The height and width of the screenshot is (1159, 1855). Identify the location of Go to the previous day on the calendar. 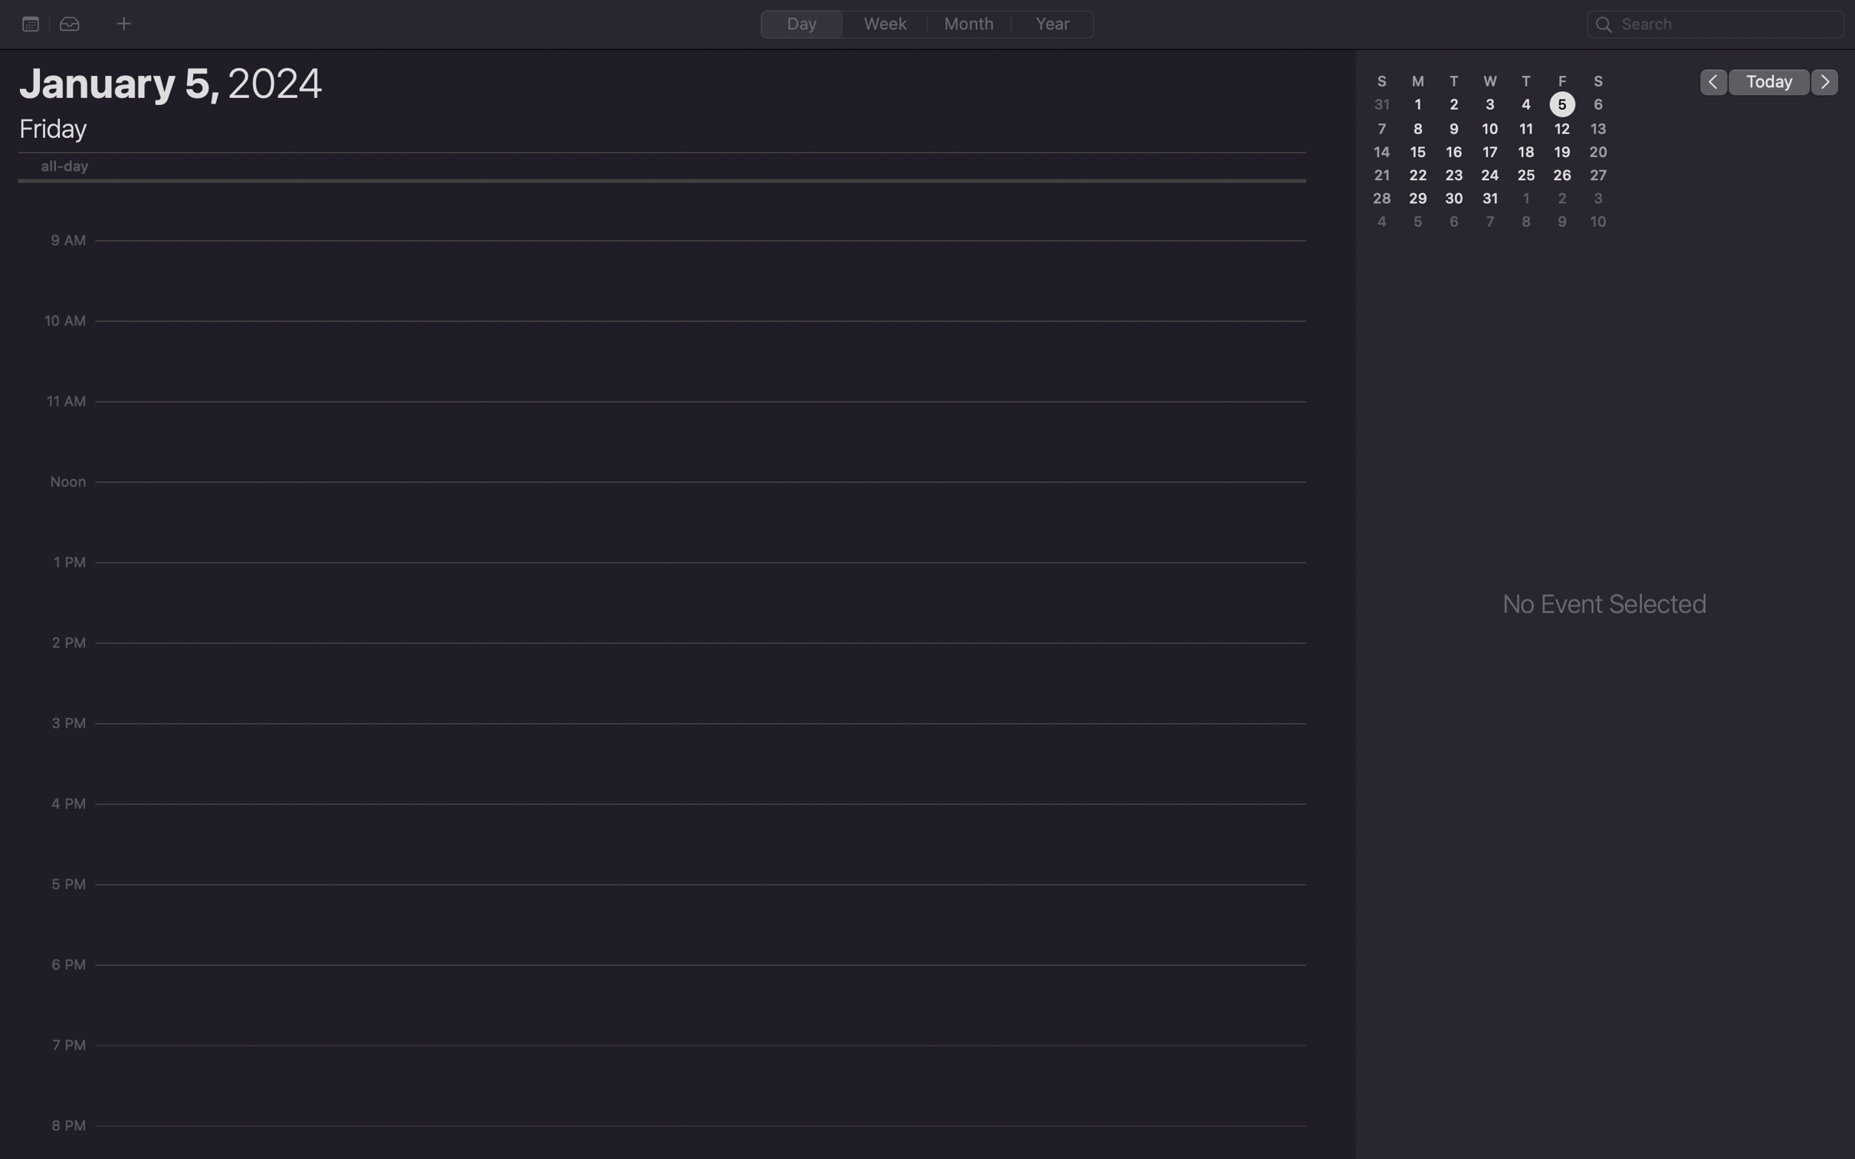
(1712, 80).